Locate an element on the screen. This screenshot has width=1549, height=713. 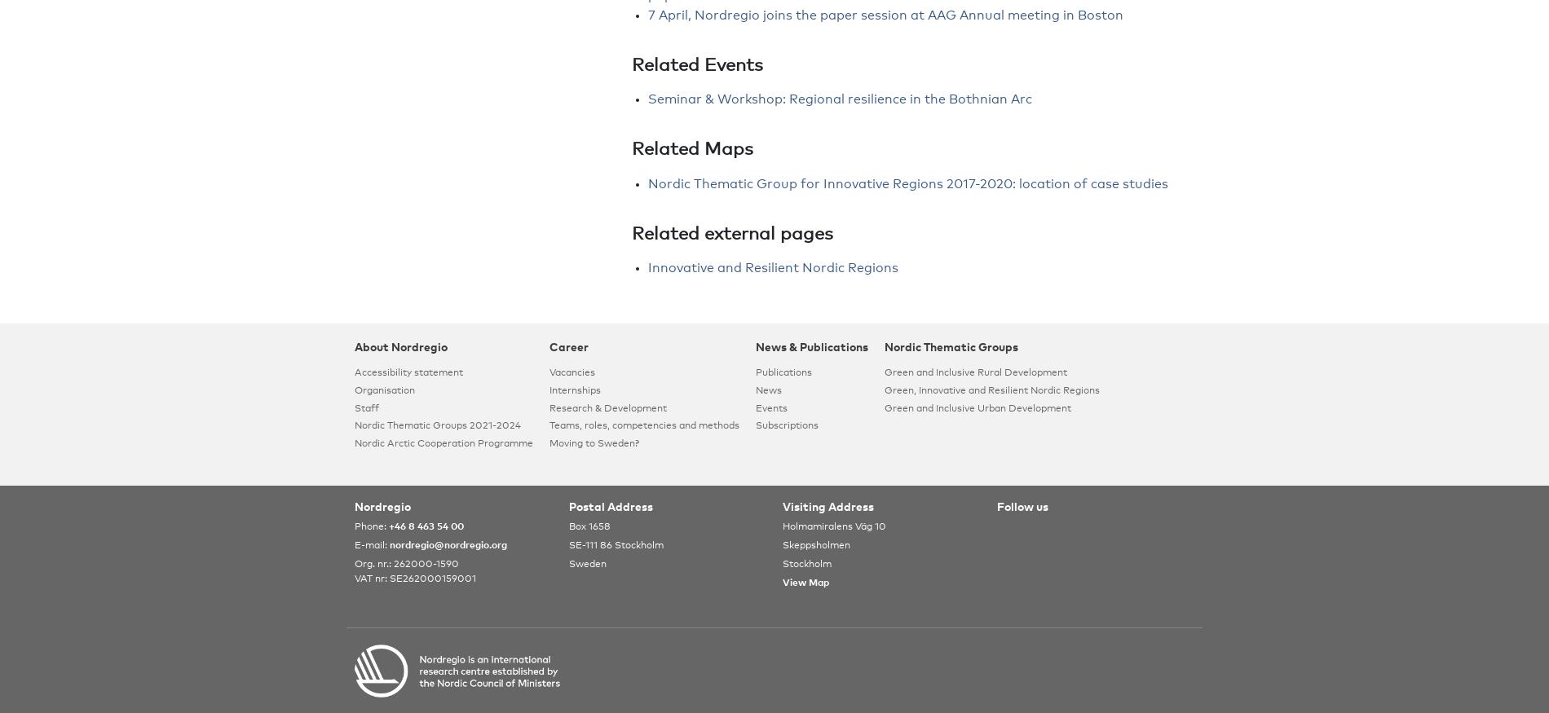
'Stockholm' is located at coordinates (807, 565).